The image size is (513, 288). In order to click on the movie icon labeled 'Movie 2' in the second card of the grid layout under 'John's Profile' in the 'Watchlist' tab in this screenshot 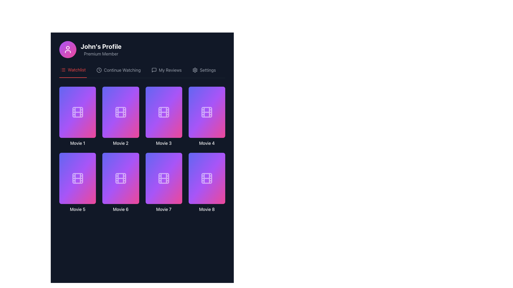, I will do `click(120, 112)`.